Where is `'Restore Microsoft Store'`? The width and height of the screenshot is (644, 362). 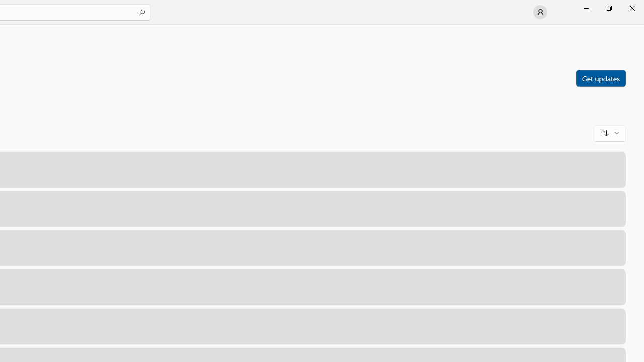
'Restore Microsoft Store' is located at coordinates (608, 8).